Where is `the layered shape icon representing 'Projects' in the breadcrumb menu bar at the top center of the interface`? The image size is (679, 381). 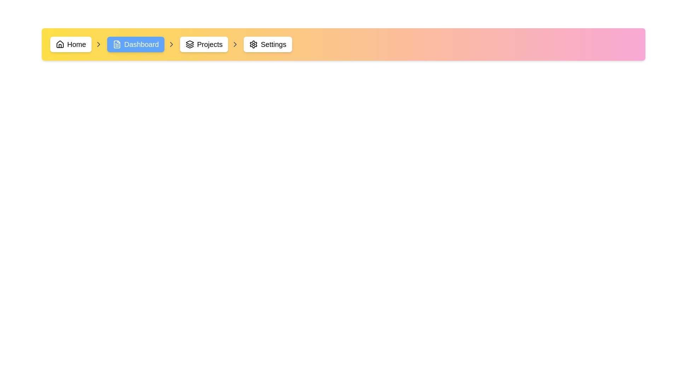
the layered shape icon representing 'Projects' in the breadcrumb menu bar at the top center of the interface is located at coordinates (190, 42).